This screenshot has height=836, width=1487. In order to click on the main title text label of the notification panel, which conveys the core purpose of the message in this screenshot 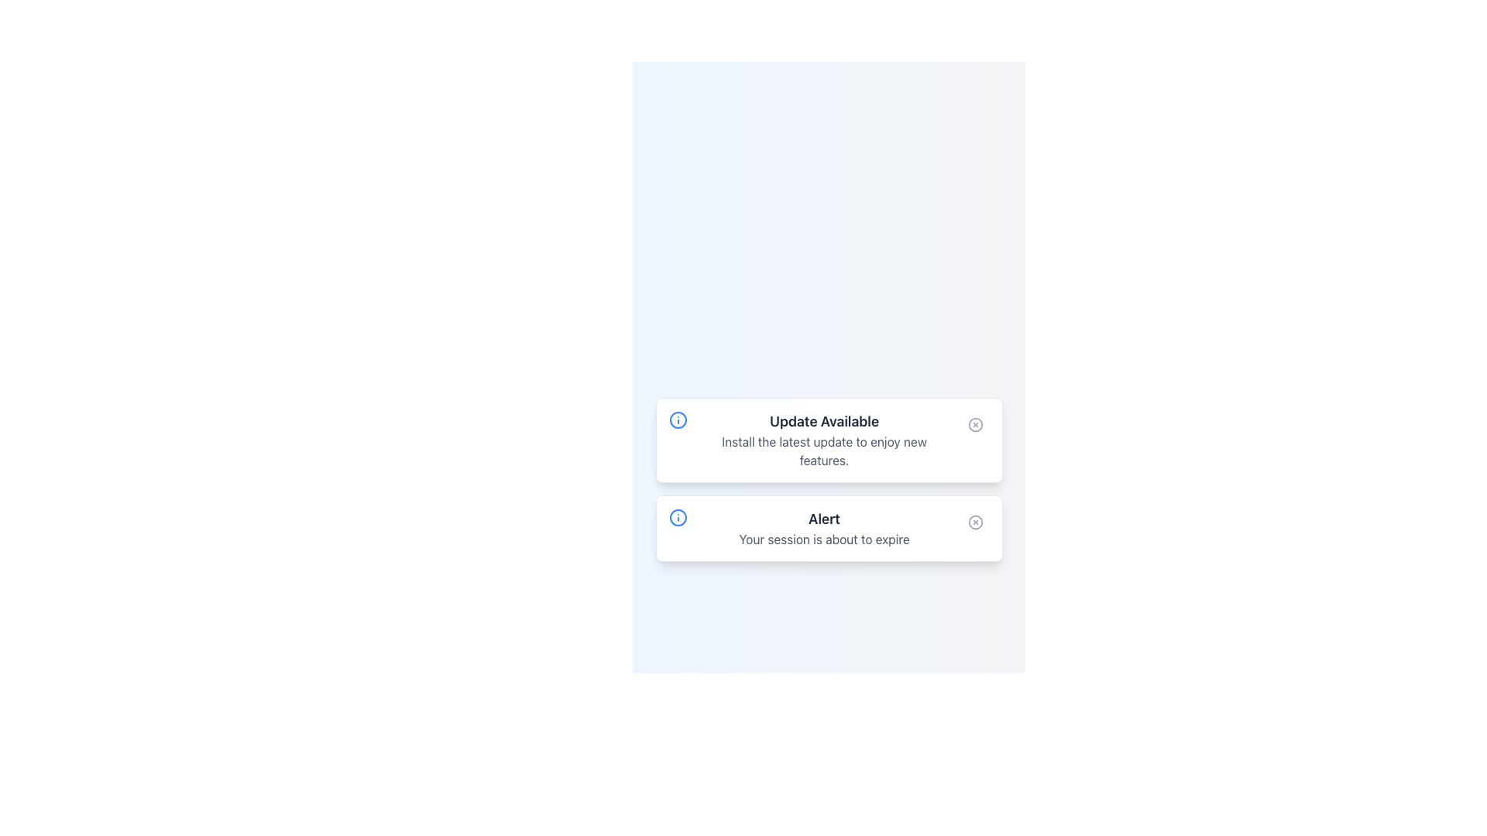, I will do `click(823, 519)`.